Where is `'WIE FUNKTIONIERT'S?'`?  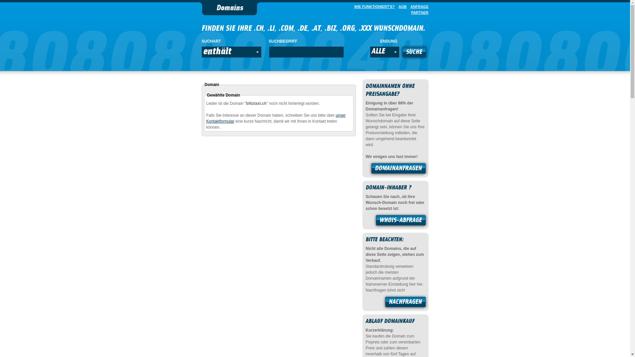 'WIE FUNKTIONIERT'S?' is located at coordinates (373, 6).